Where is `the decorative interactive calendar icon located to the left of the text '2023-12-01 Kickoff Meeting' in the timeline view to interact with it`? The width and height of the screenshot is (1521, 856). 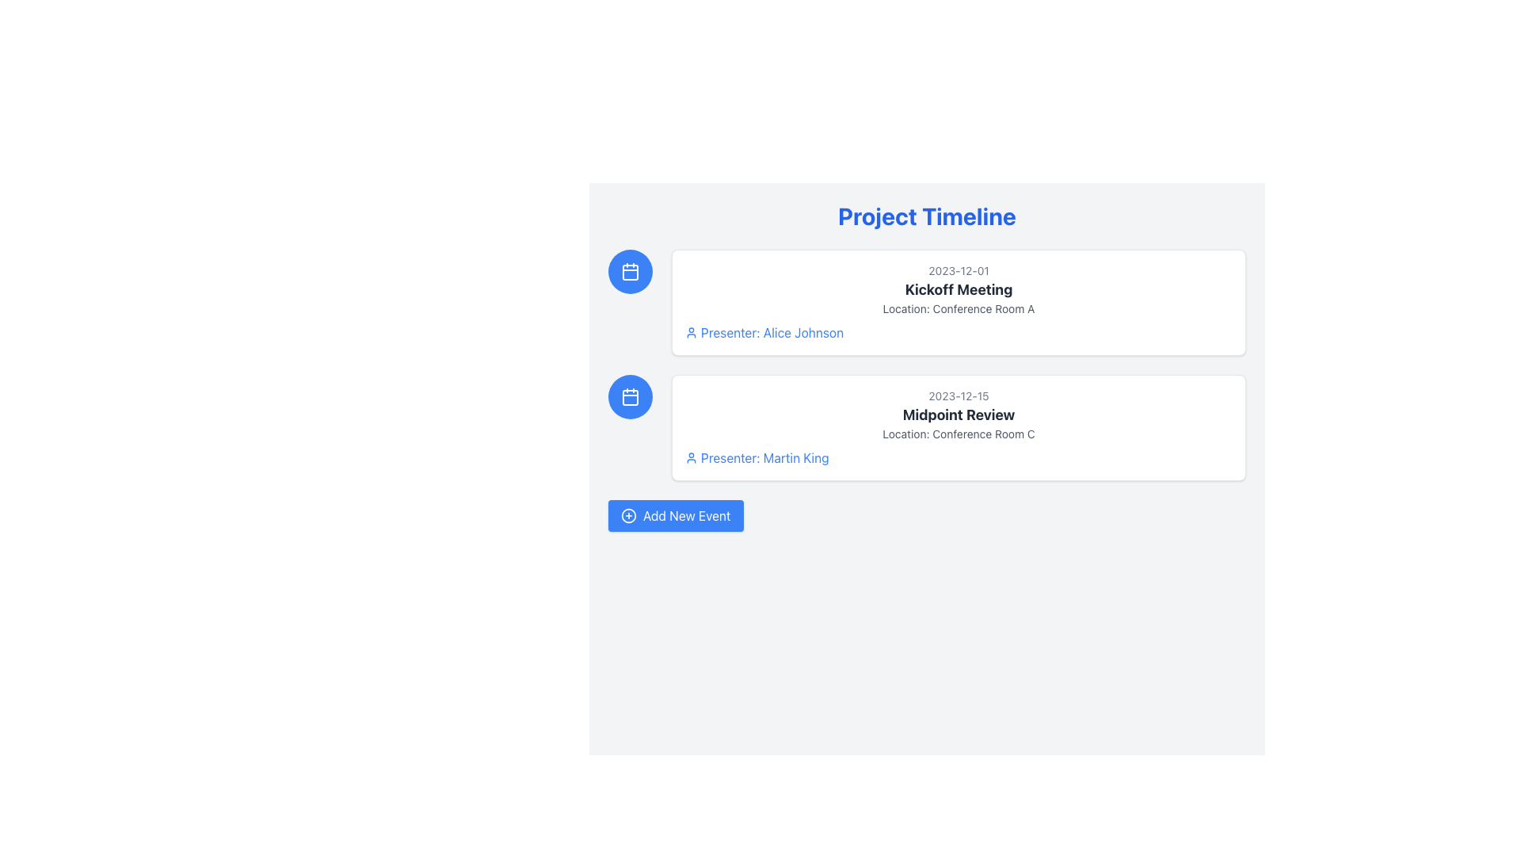 the decorative interactive calendar icon located to the left of the text '2023-12-01 Kickoff Meeting' in the timeline view to interact with it is located at coordinates (630, 271).